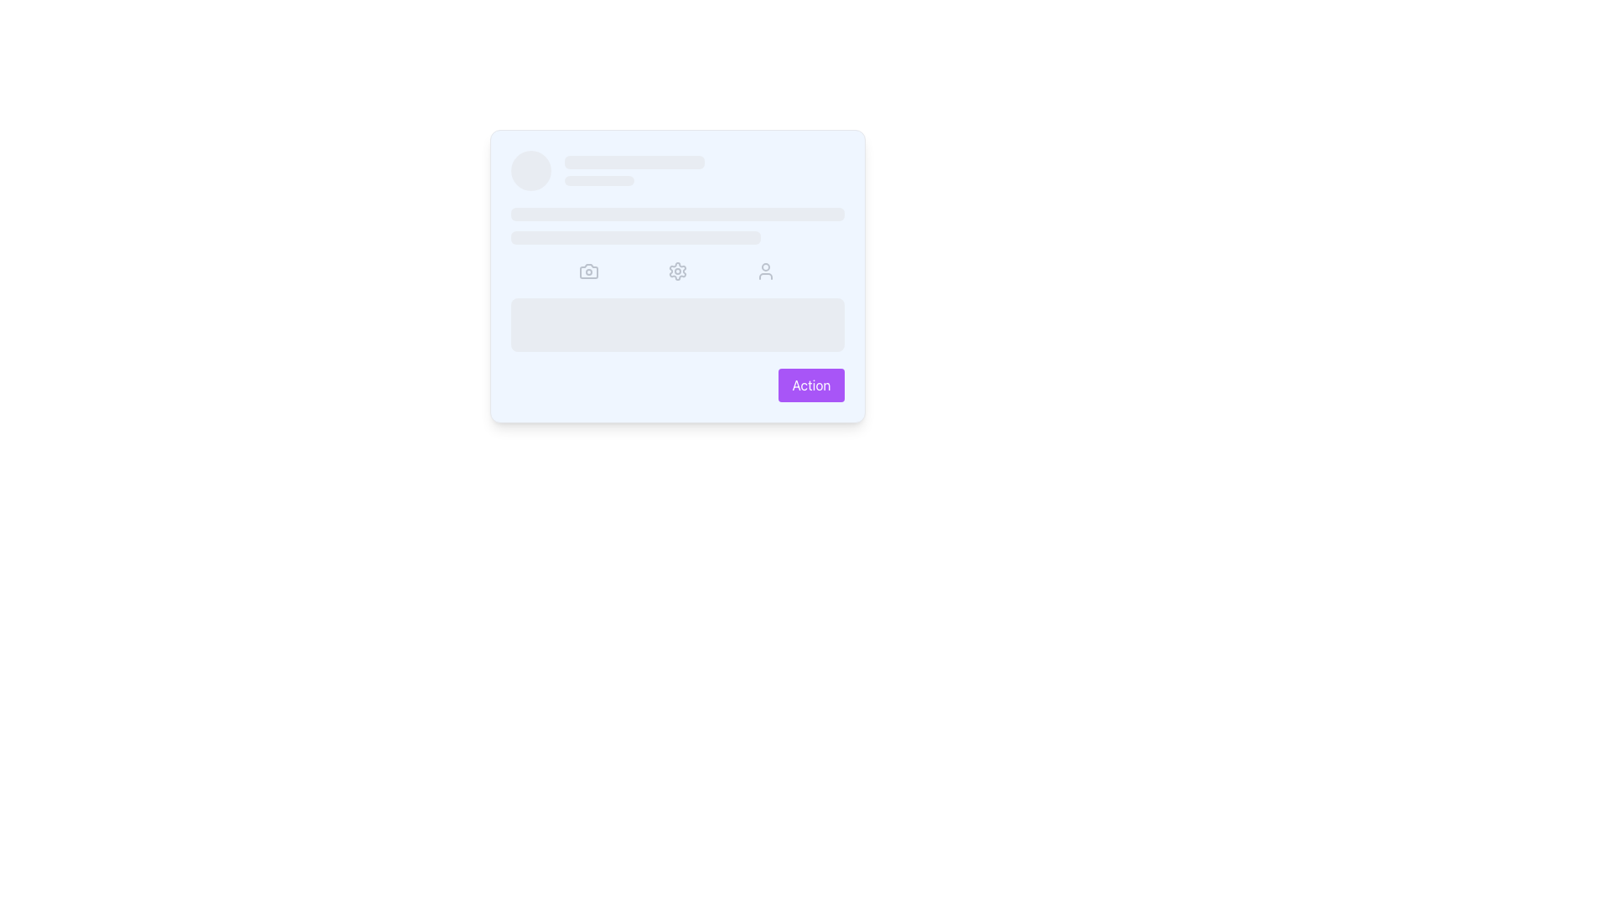 The width and height of the screenshot is (1609, 905). Describe the element at coordinates (588, 271) in the screenshot. I see `the camera icon, which is the first icon from the left in the toolbar section beneath the main content block` at that location.